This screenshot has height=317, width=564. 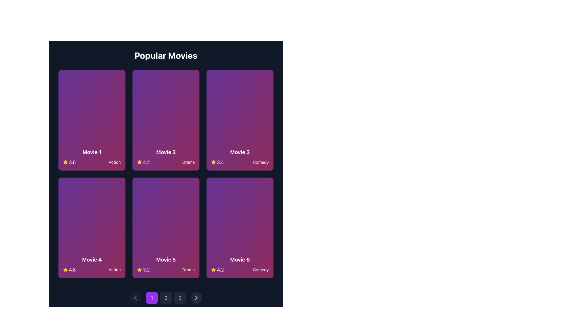 What do you see at coordinates (217, 269) in the screenshot?
I see `the text label indicating the rating of the movie 'Movie 6', located in the bottom-right corner of the movie card, next to a star icon and genre text 'Comedy'` at bounding box center [217, 269].